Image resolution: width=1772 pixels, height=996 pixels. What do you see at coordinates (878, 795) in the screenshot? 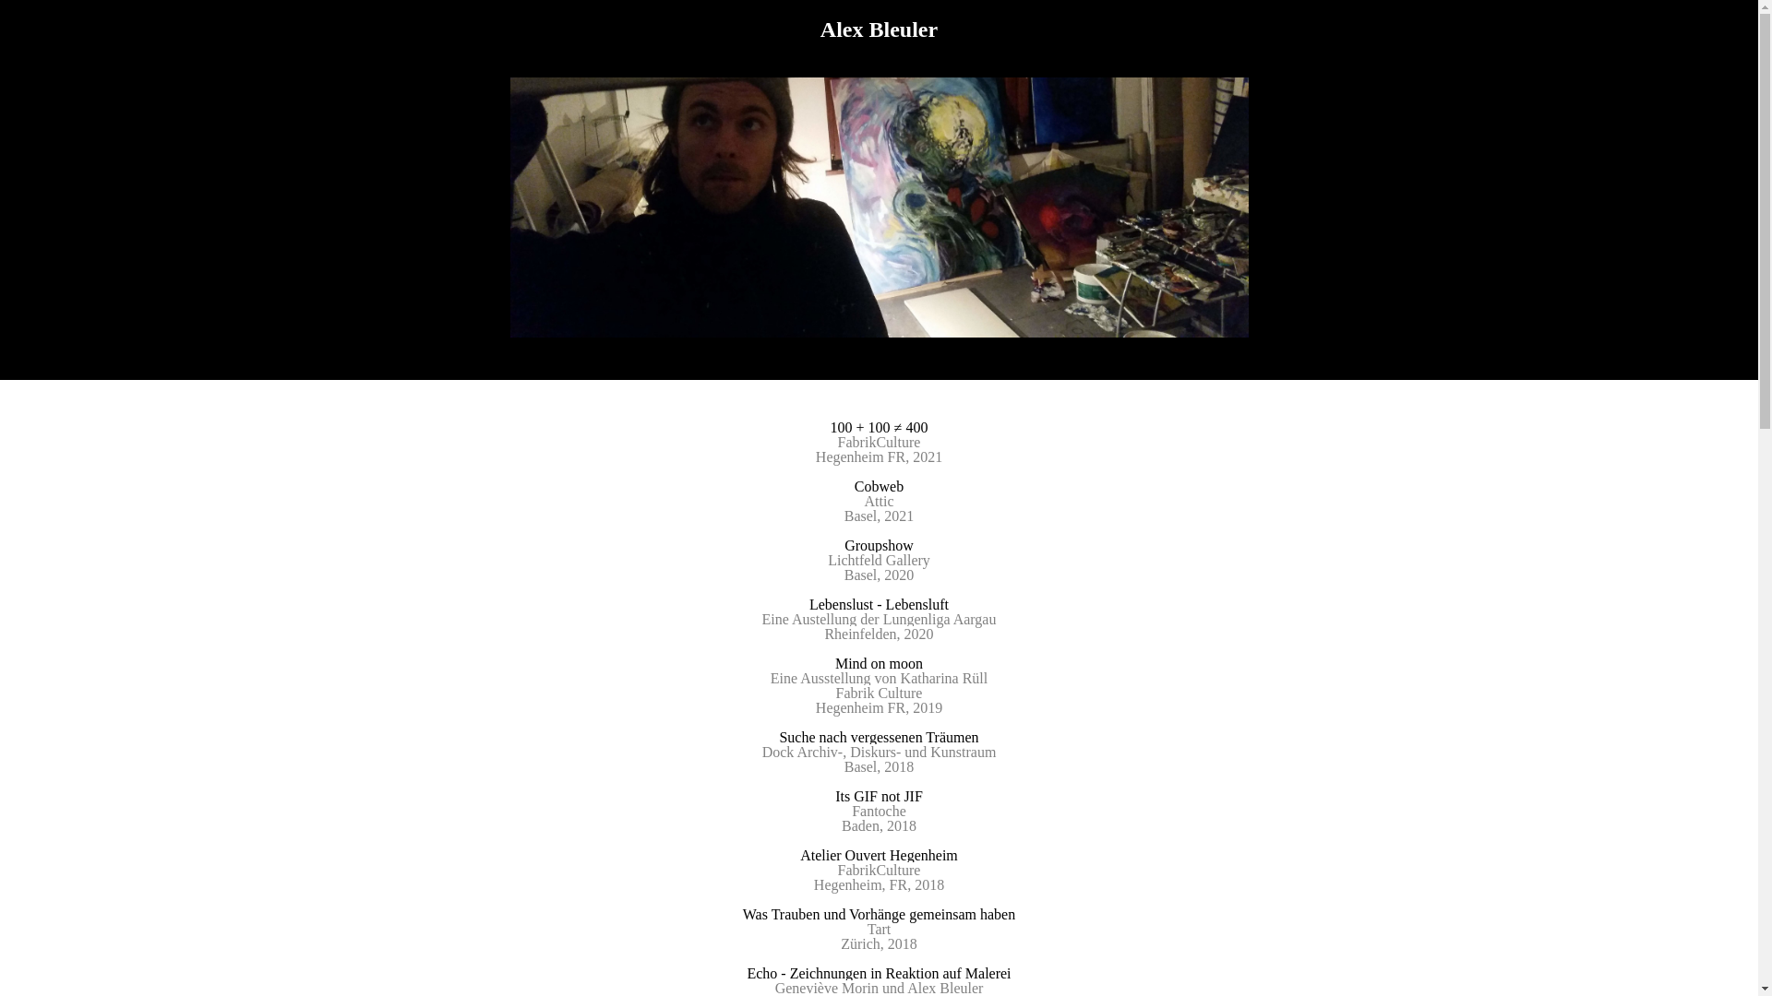
I see `'Its GIF not JIF'` at bounding box center [878, 795].